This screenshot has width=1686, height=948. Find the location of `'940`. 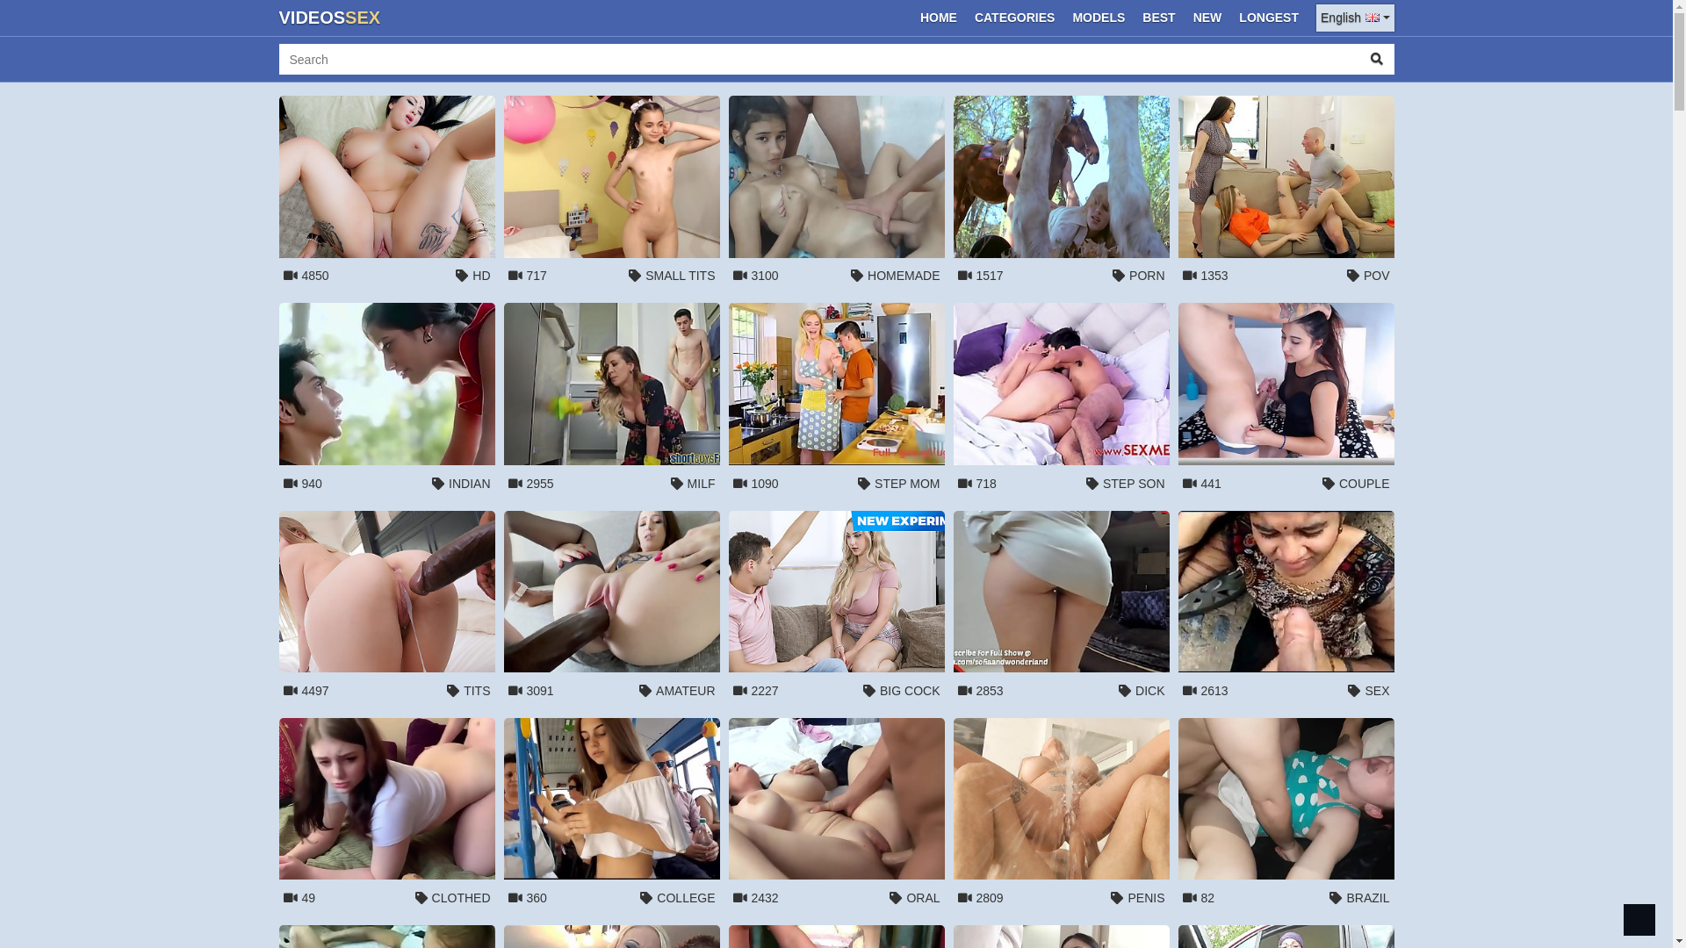

'940 is located at coordinates (386, 402).